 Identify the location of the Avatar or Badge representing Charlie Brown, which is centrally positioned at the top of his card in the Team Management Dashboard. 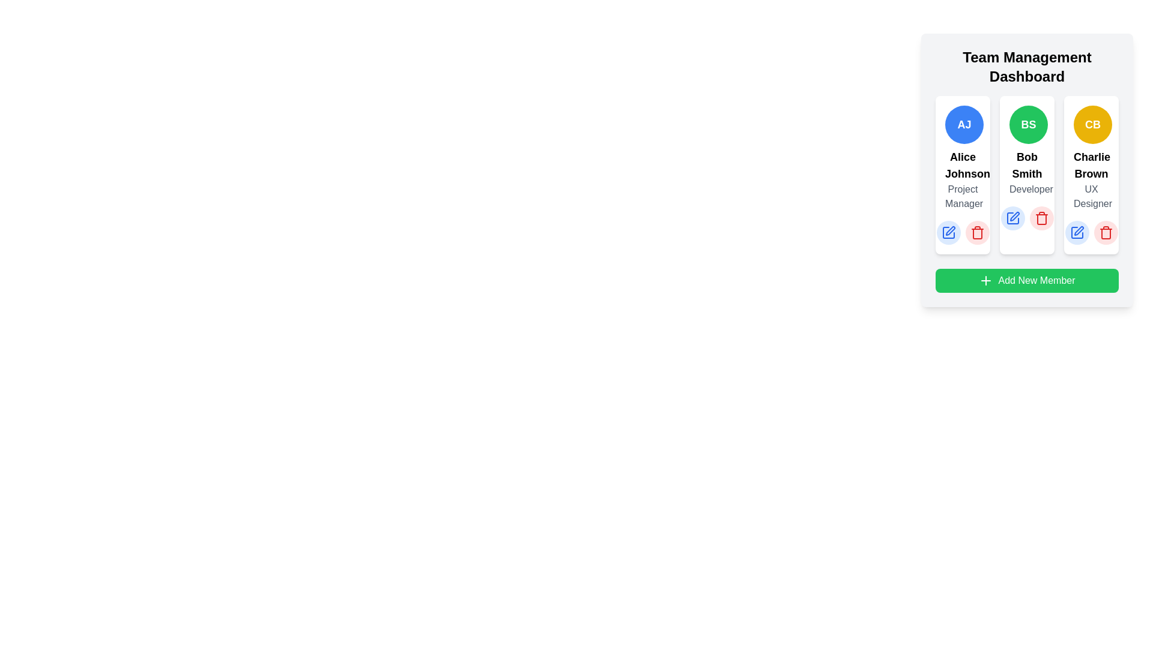
(1092, 125).